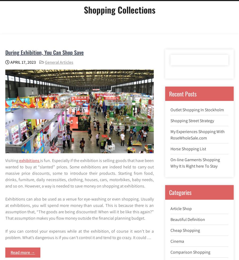 The height and width of the screenshot is (260, 239). I want to click on 'Categories', so click(180, 192).